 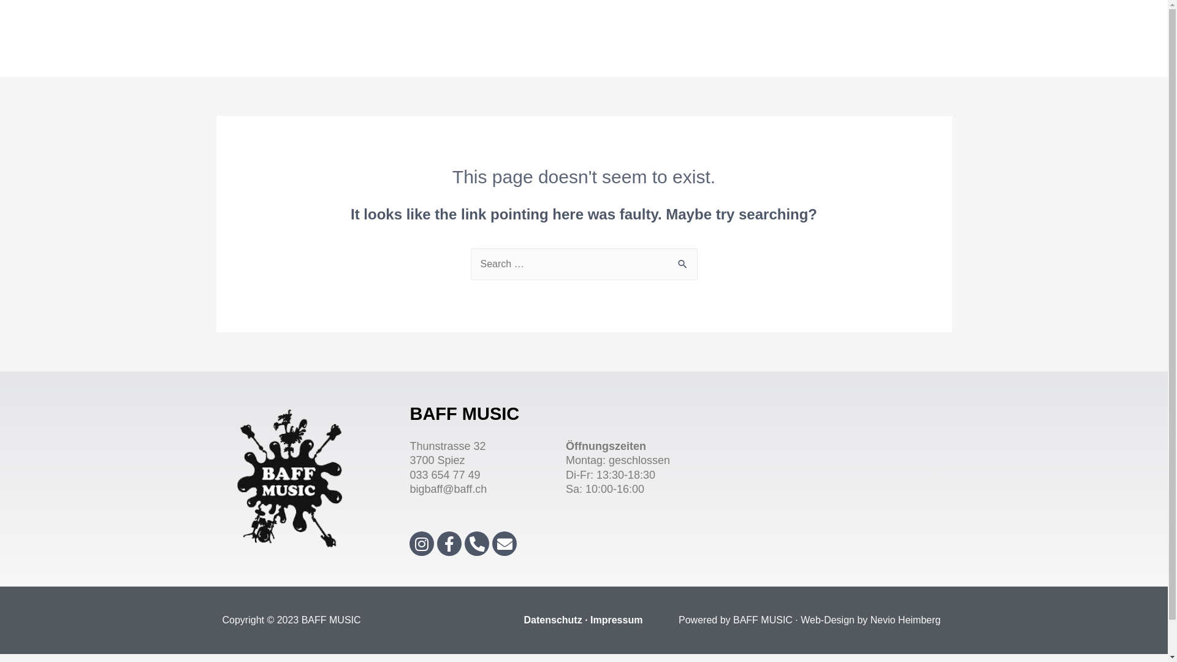 I want to click on 'Datenschutz', so click(x=552, y=620).